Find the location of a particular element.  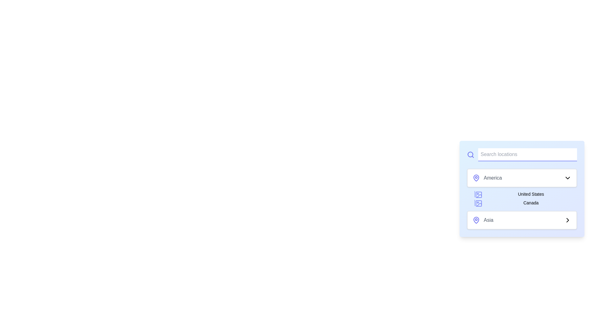

the icon representing the 'United States' text entry, which is positioned to the left of the text within a list item under the 'America' category is located at coordinates (478, 194).